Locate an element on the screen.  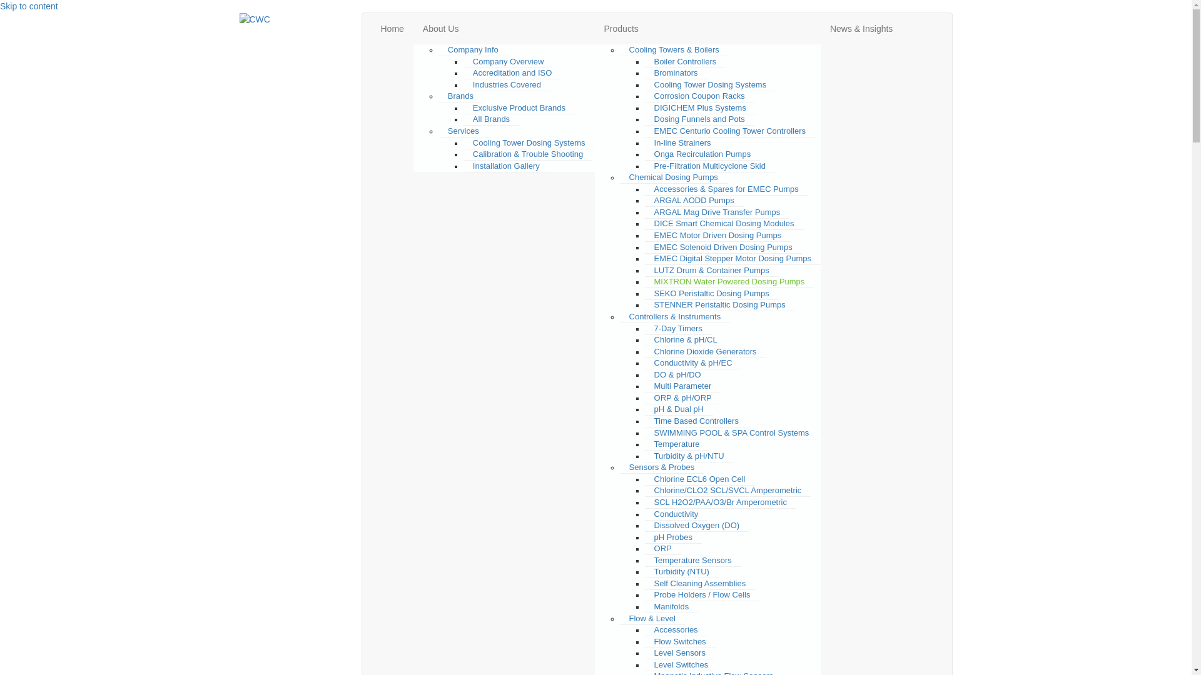
'Company Overview' is located at coordinates (508, 62).